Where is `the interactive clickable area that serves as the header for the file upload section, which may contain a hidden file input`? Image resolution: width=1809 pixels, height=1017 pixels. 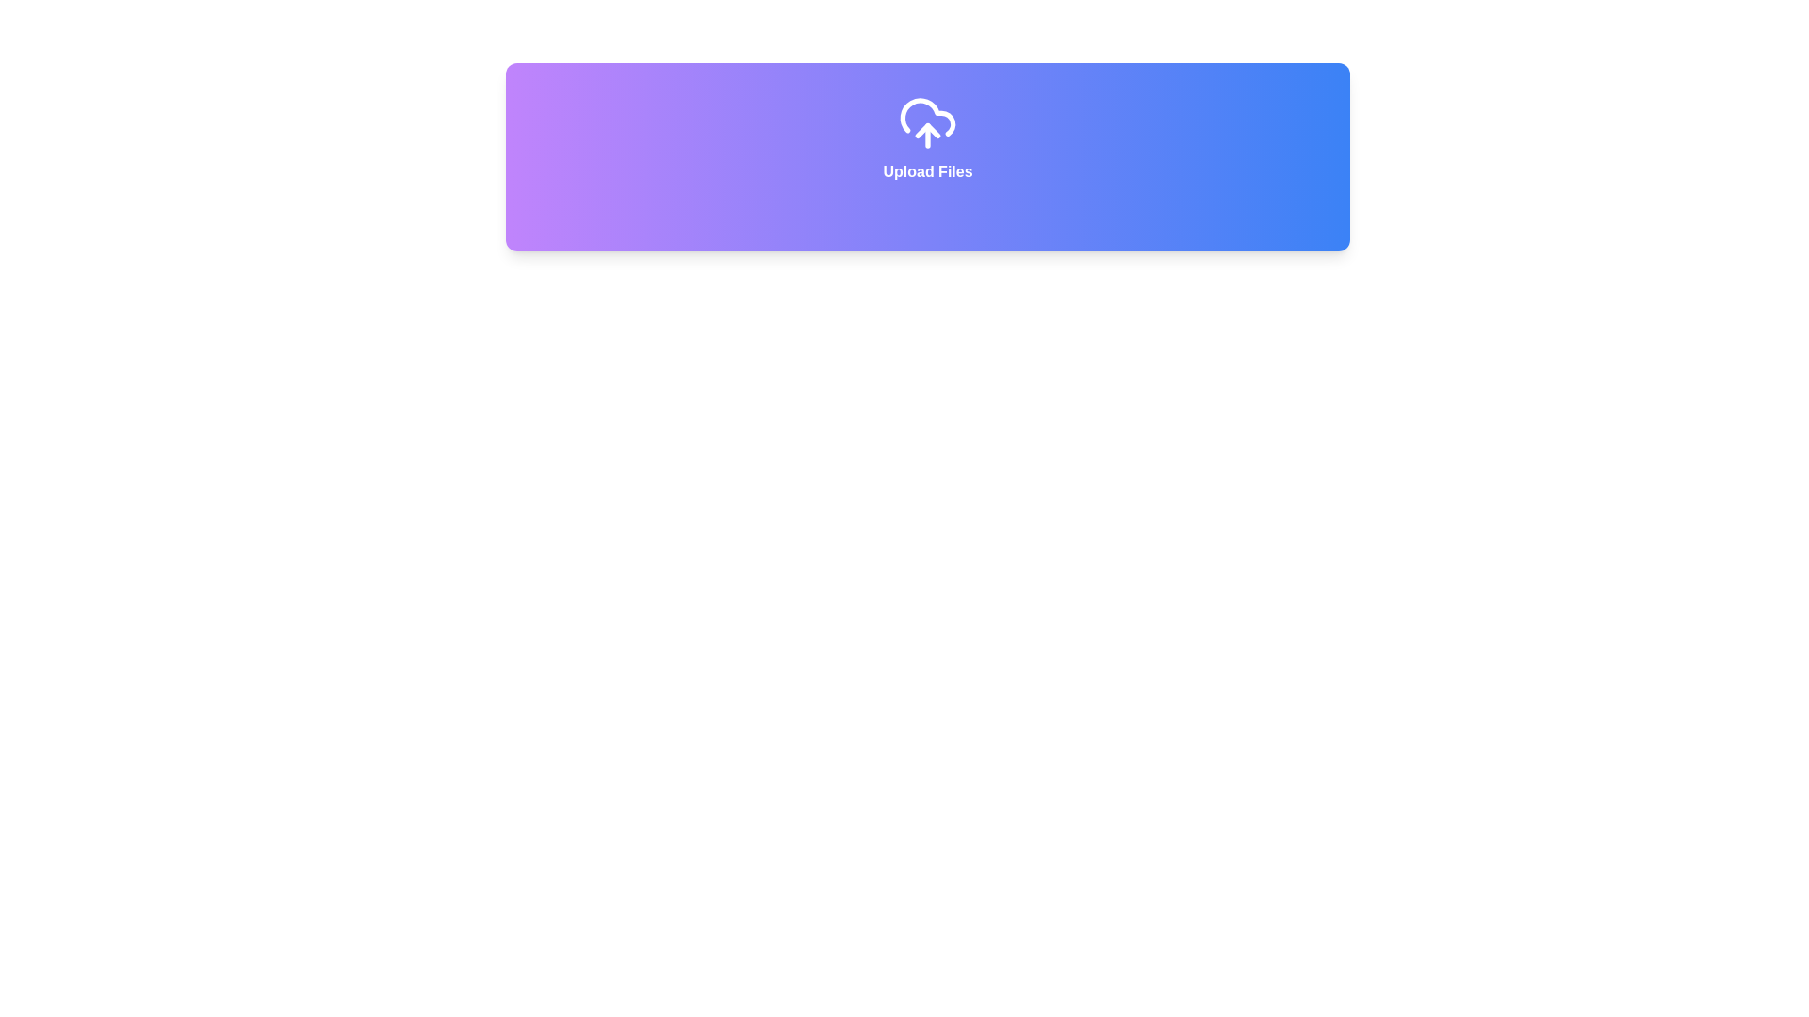 the interactive clickable area that serves as the header for the file upload section, which may contain a hidden file input is located at coordinates (927, 155).